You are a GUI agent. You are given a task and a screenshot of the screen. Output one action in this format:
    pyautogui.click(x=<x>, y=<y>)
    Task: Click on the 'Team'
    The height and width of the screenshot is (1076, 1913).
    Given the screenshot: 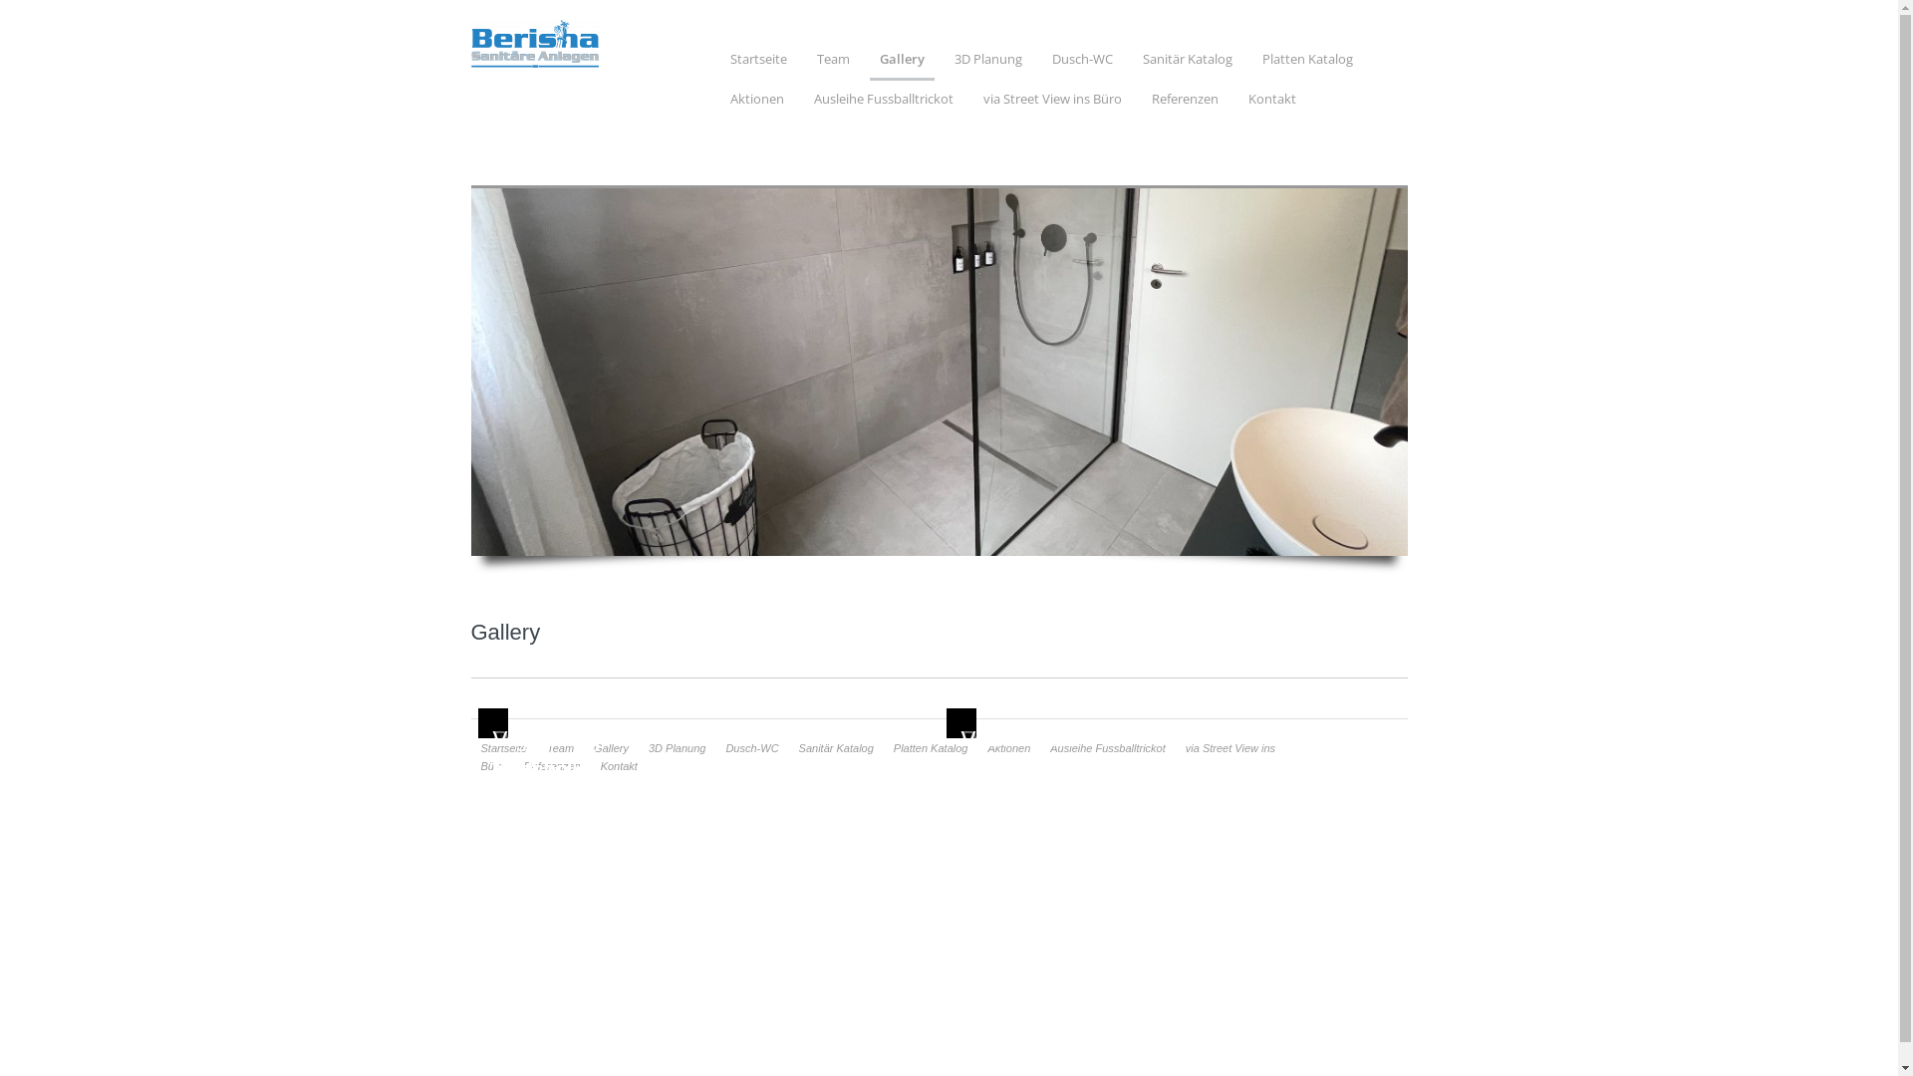 What is the action you would take?
    pyautogui.click(x=833, y=63)
    